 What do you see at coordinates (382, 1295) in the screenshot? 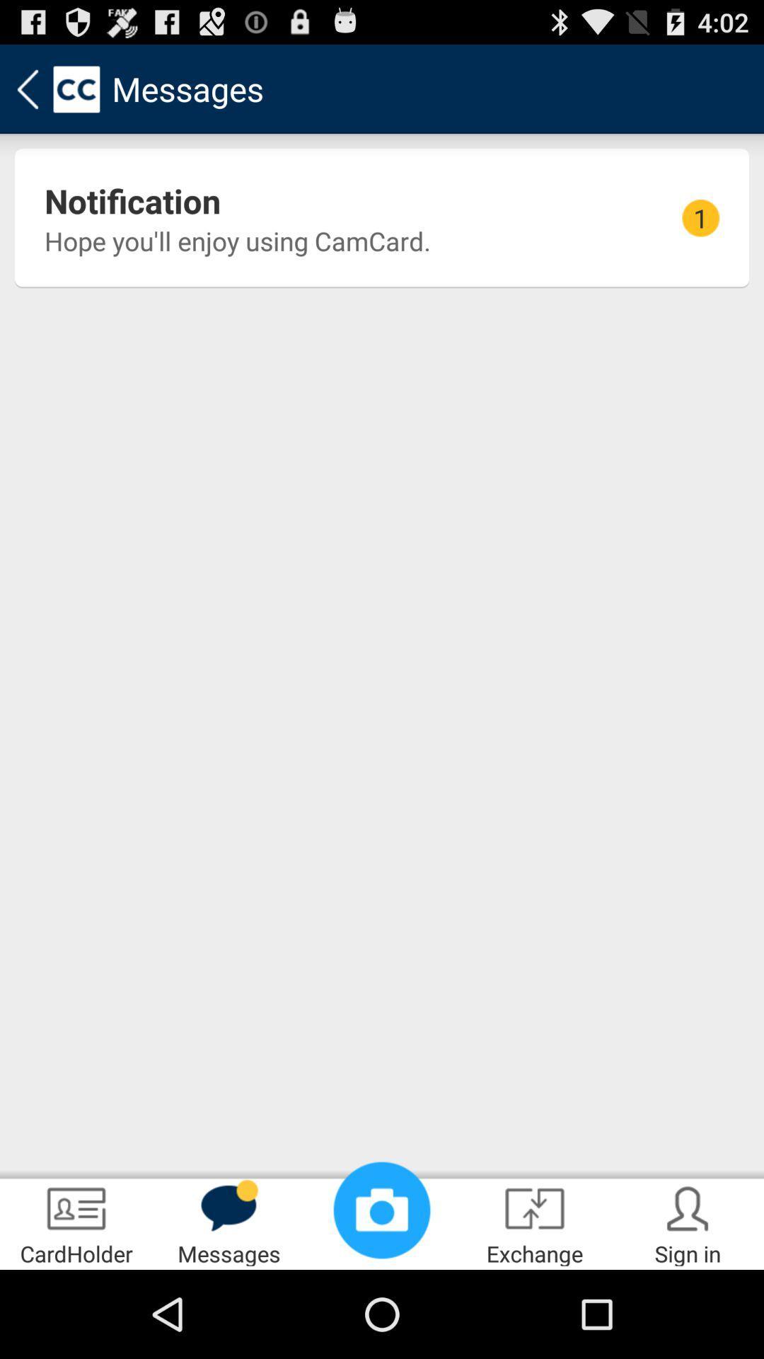
I see `the photo icon` at bounding box center [382, 1295].